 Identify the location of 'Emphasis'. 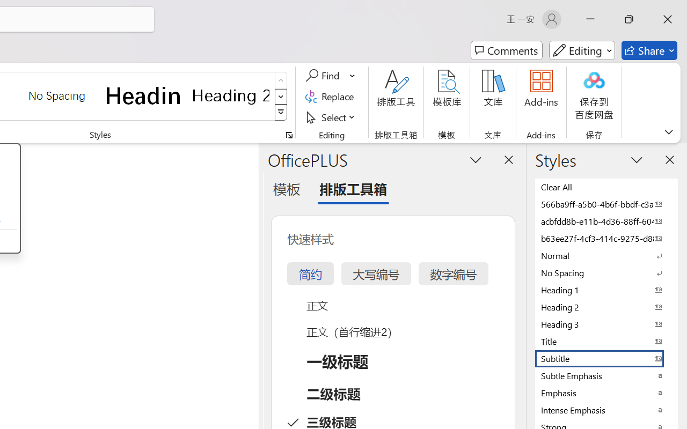
(606, 392).